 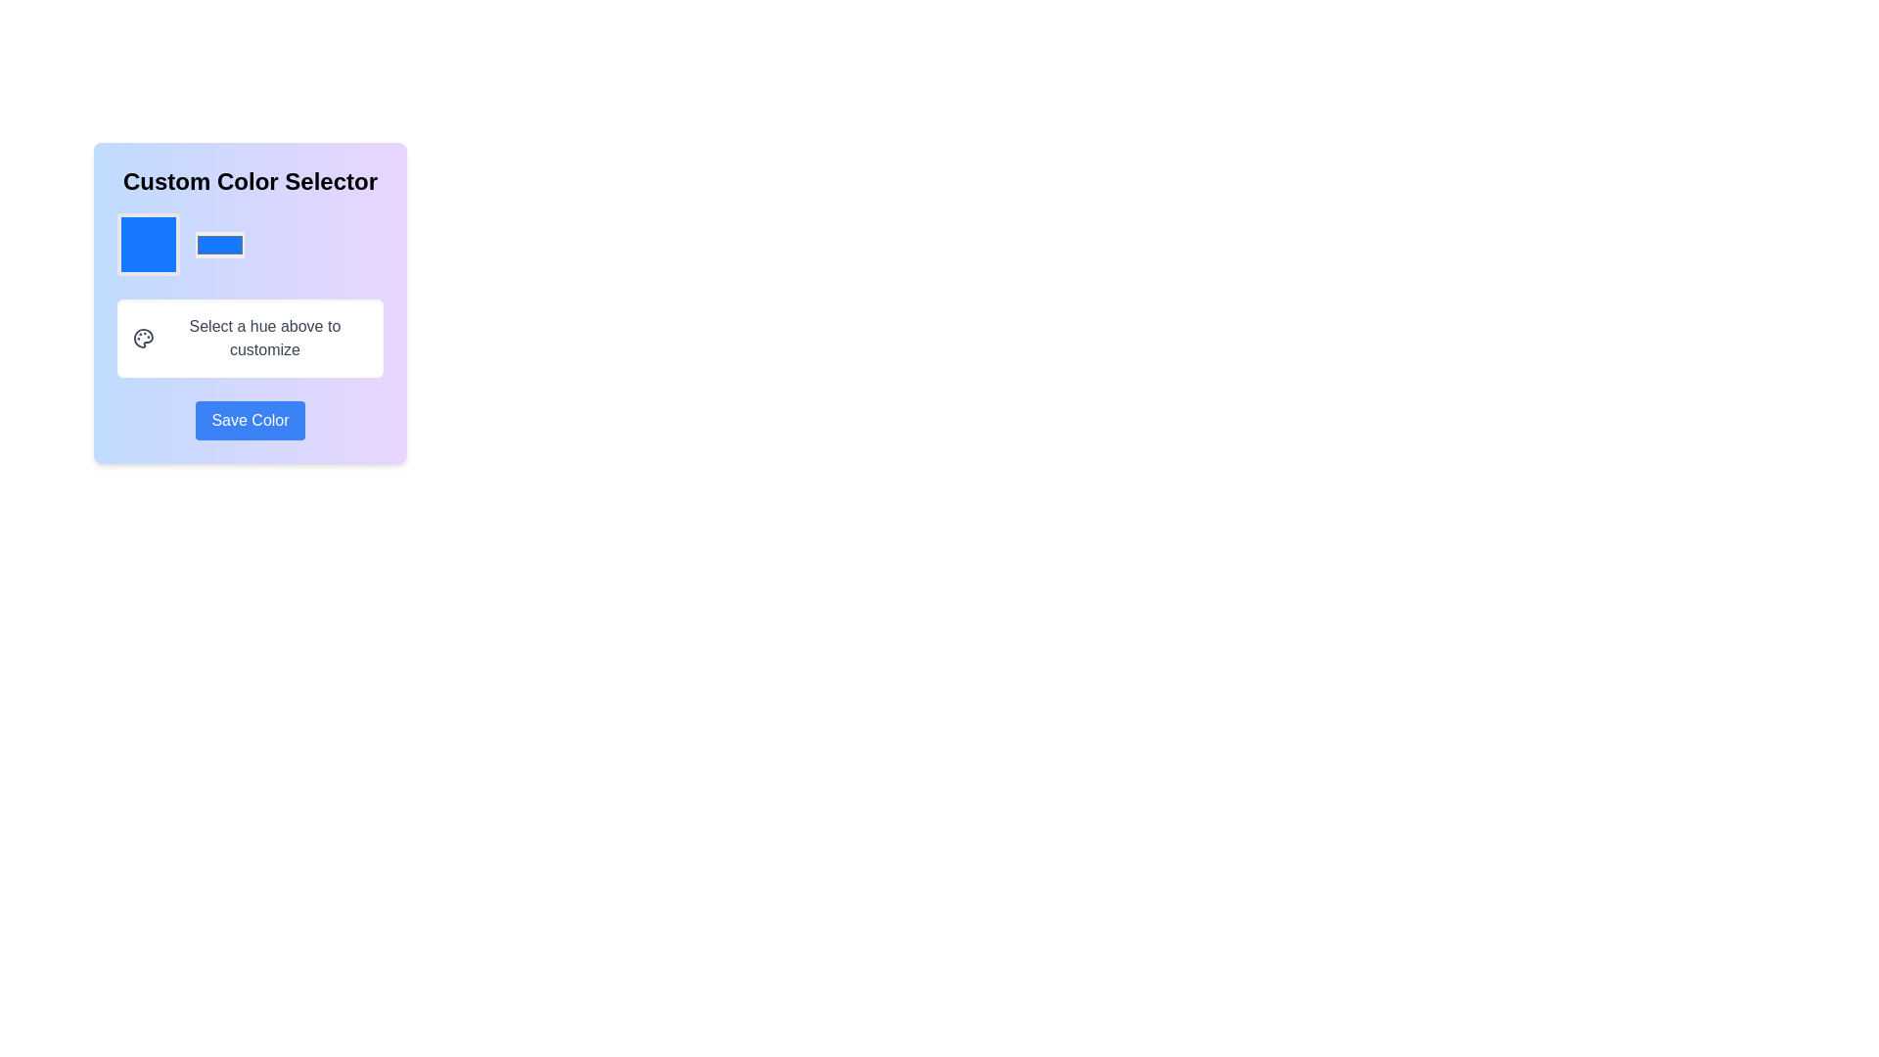 What do you see at coordinates (249, 419) in the screenshot?
I see `the rectangular blue button labeled 'Save Color' to observe the color change upon hover` at bounding box center [249, 419].